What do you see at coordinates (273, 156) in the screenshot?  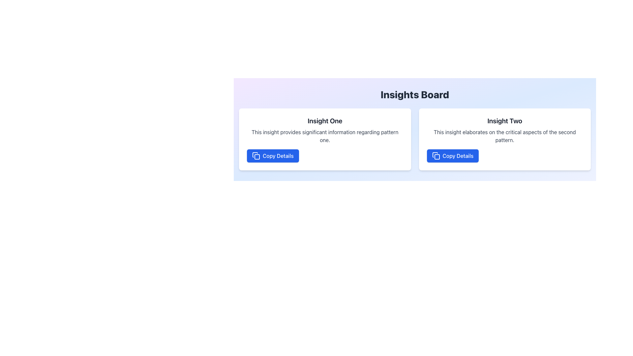 I see `the 'Copy Details' button located at the bottom left corner of the 'Insight One' card in the 'Insights Board' section` at bounding box center [273, 156].